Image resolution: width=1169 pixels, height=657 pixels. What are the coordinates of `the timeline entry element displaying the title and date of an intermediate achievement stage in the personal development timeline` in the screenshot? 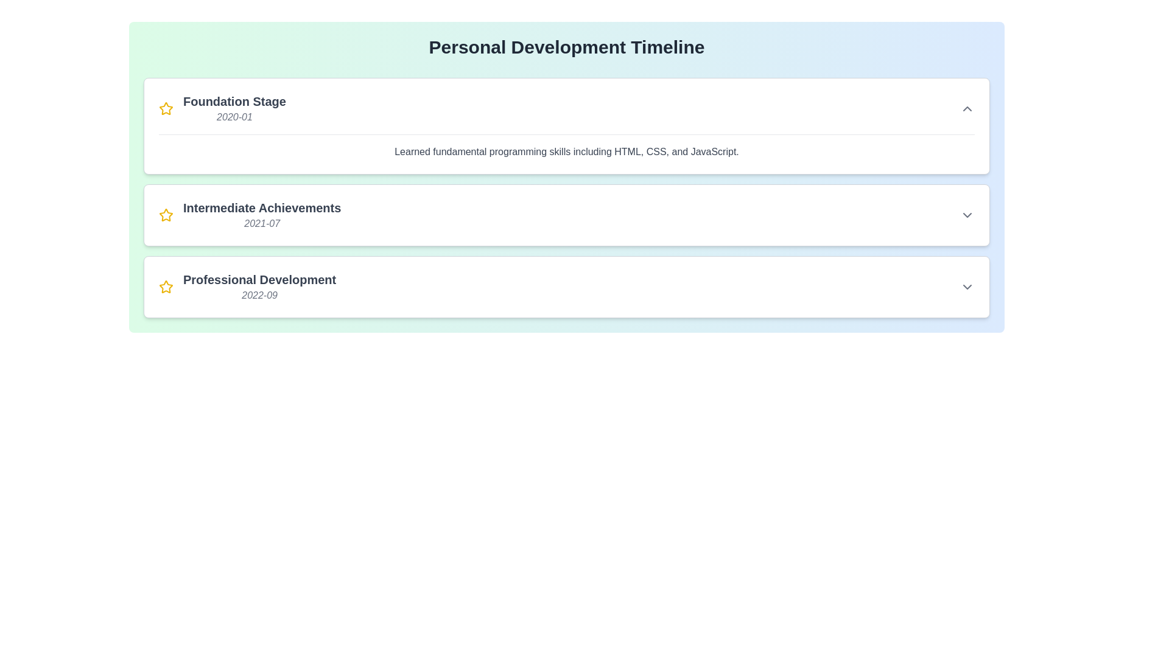 It's located at (261, 215).